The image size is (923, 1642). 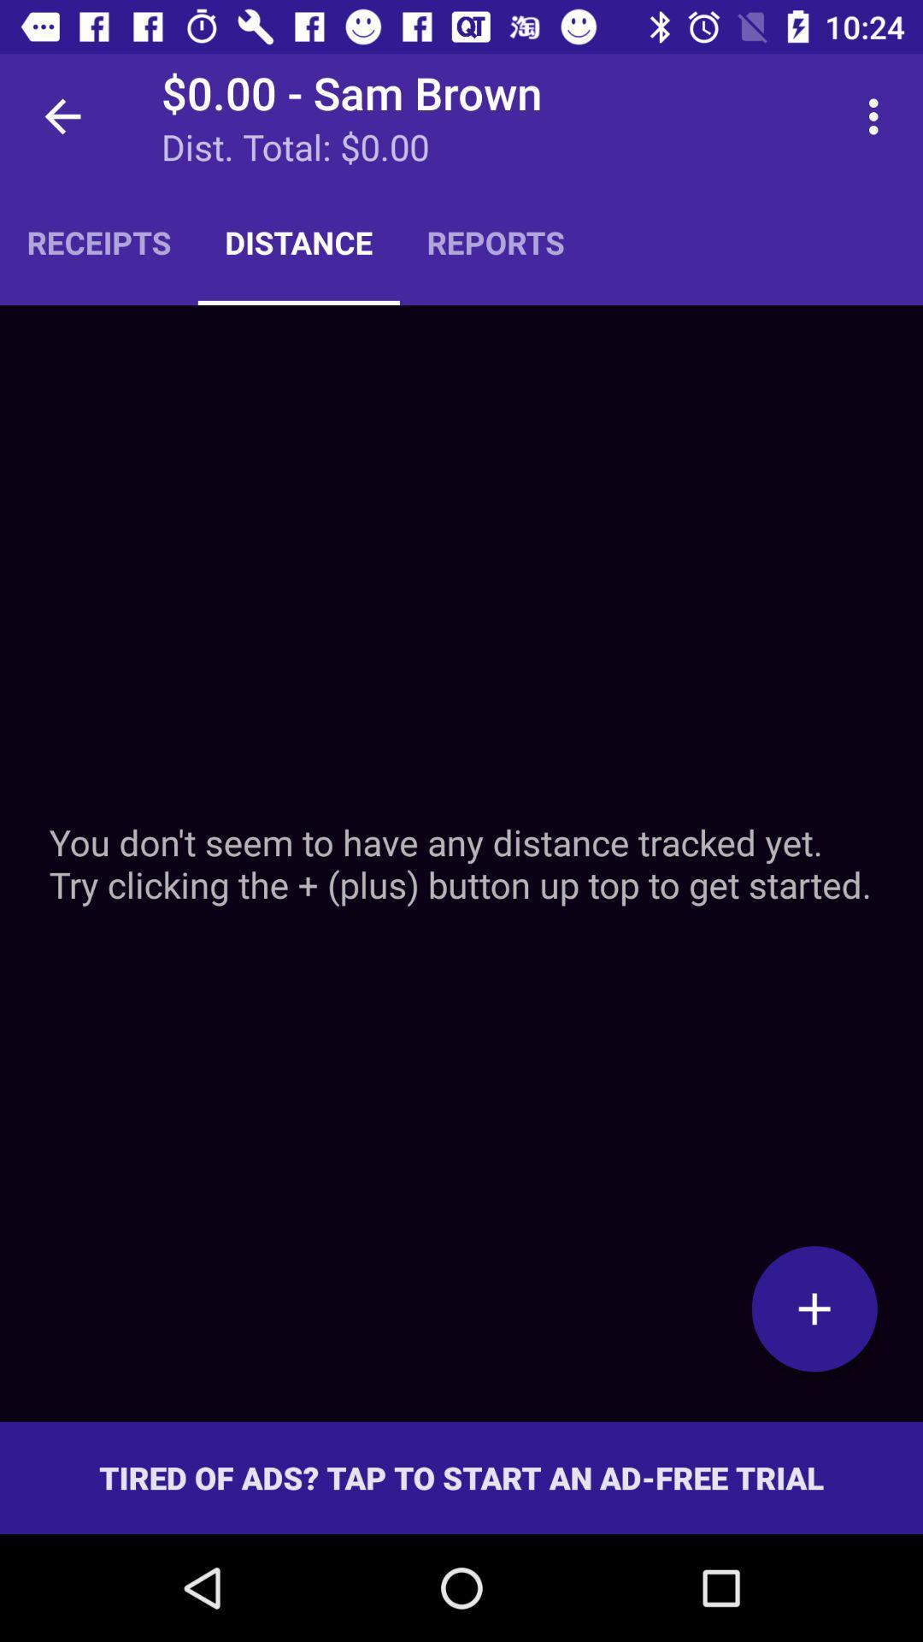 I want to click on item next to the distance, so click(x=496, y=241).